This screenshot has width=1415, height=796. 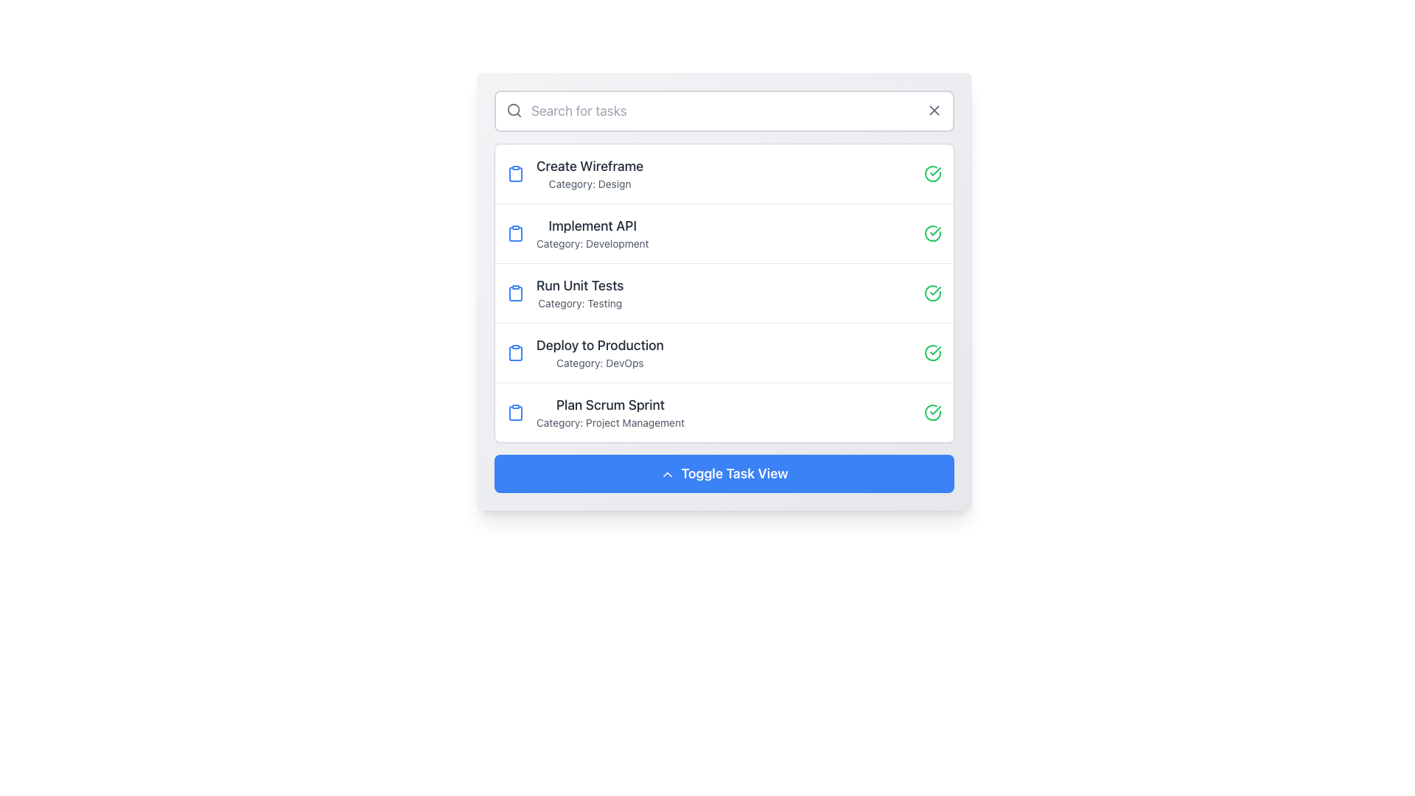 I want to click on text of the first task title in the task management interface, located above the 'Category: Design' text, so click(x=590, y=166).